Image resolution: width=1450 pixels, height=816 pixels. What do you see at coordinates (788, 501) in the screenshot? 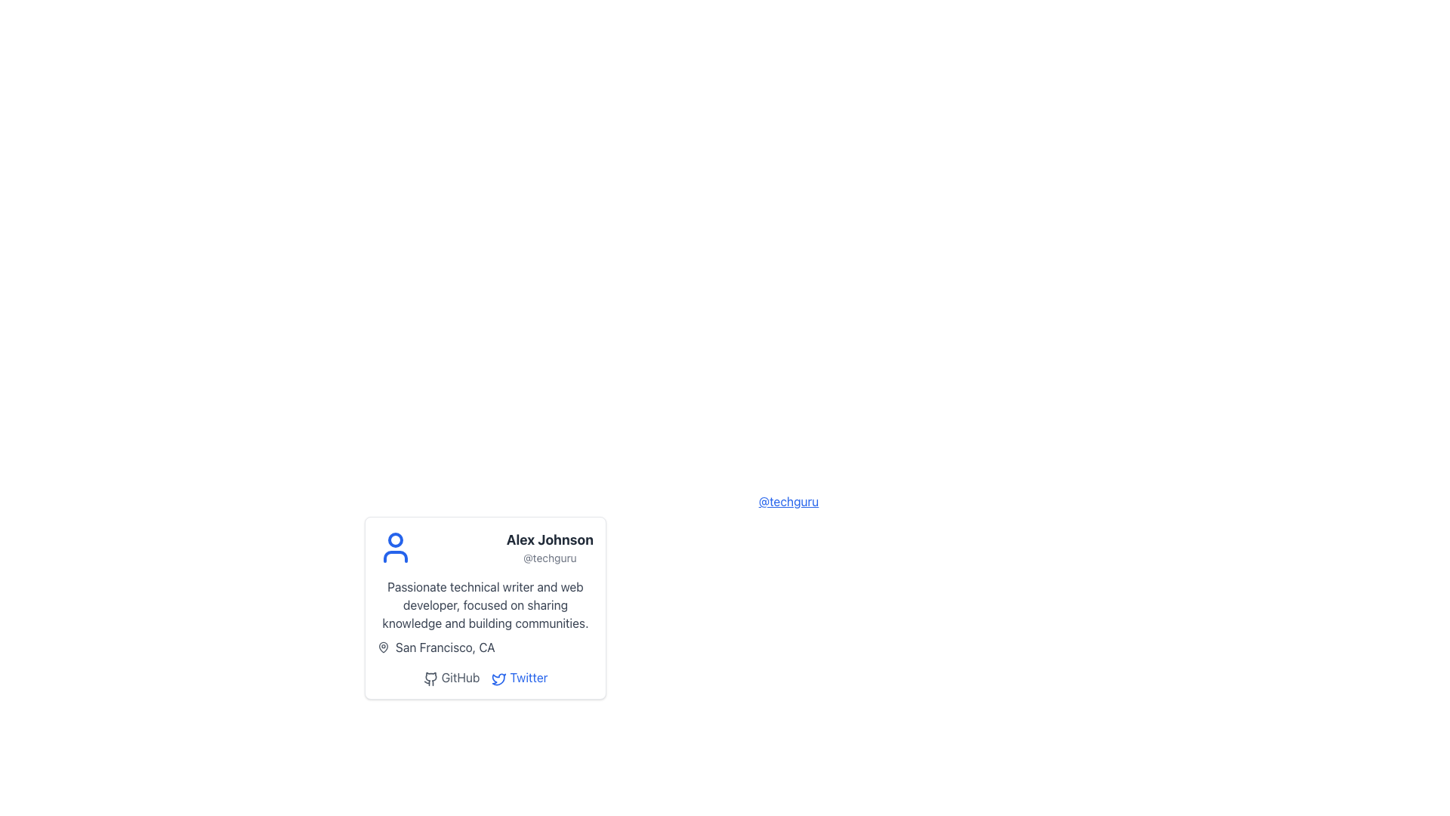
I see `the hyperlink styled with a blue underlined font displaying the text '@techguru'` at bounding box center [788, 501].